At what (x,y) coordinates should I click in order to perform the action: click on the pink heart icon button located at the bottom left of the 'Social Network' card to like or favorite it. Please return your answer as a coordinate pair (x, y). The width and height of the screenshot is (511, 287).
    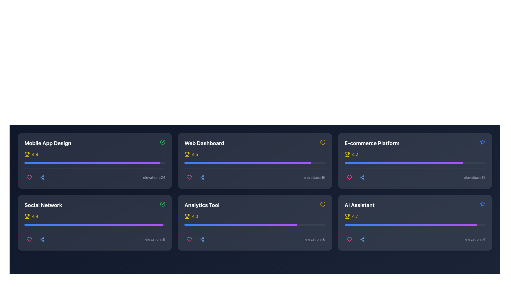
    Looking at the image, I should click on (29, 239).